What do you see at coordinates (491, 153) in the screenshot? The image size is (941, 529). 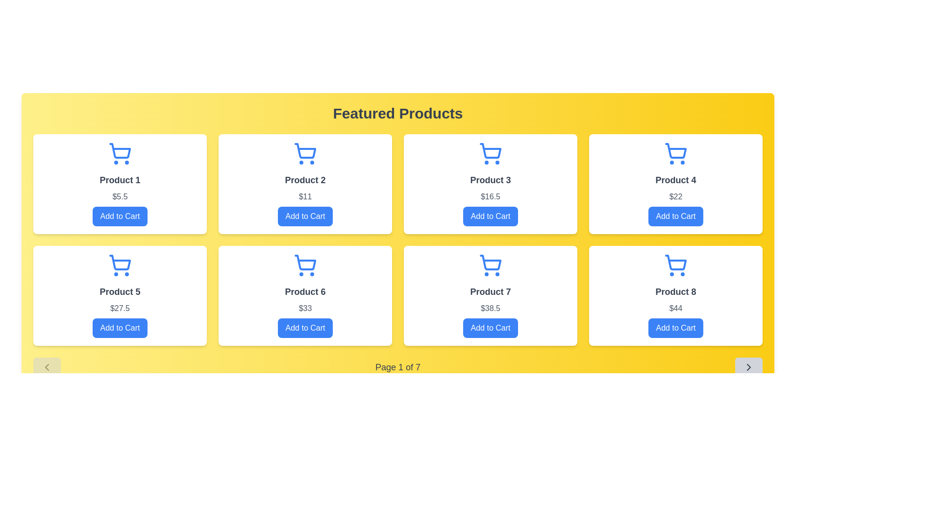 I see `the shopping cart icon with a blue color scheme located at the top-center of the product card for 'Product 3', which is above the title and price` at bounding box center [491, 153].